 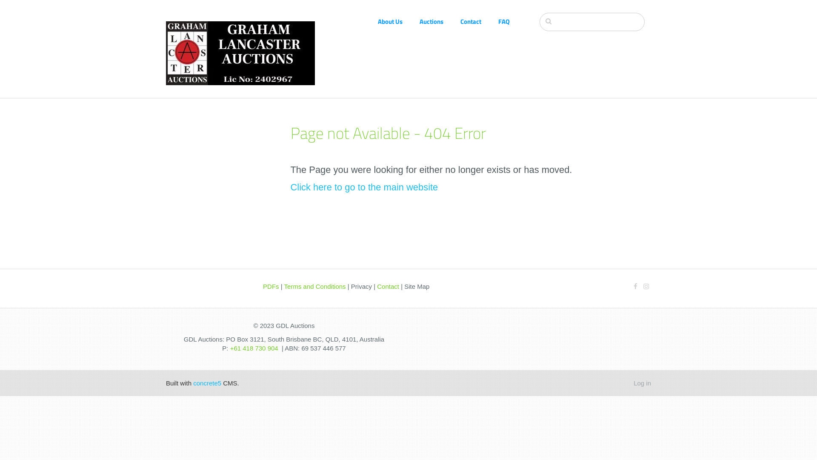 I want to click on '+61 418 730 904', so click(x=254, y=348).